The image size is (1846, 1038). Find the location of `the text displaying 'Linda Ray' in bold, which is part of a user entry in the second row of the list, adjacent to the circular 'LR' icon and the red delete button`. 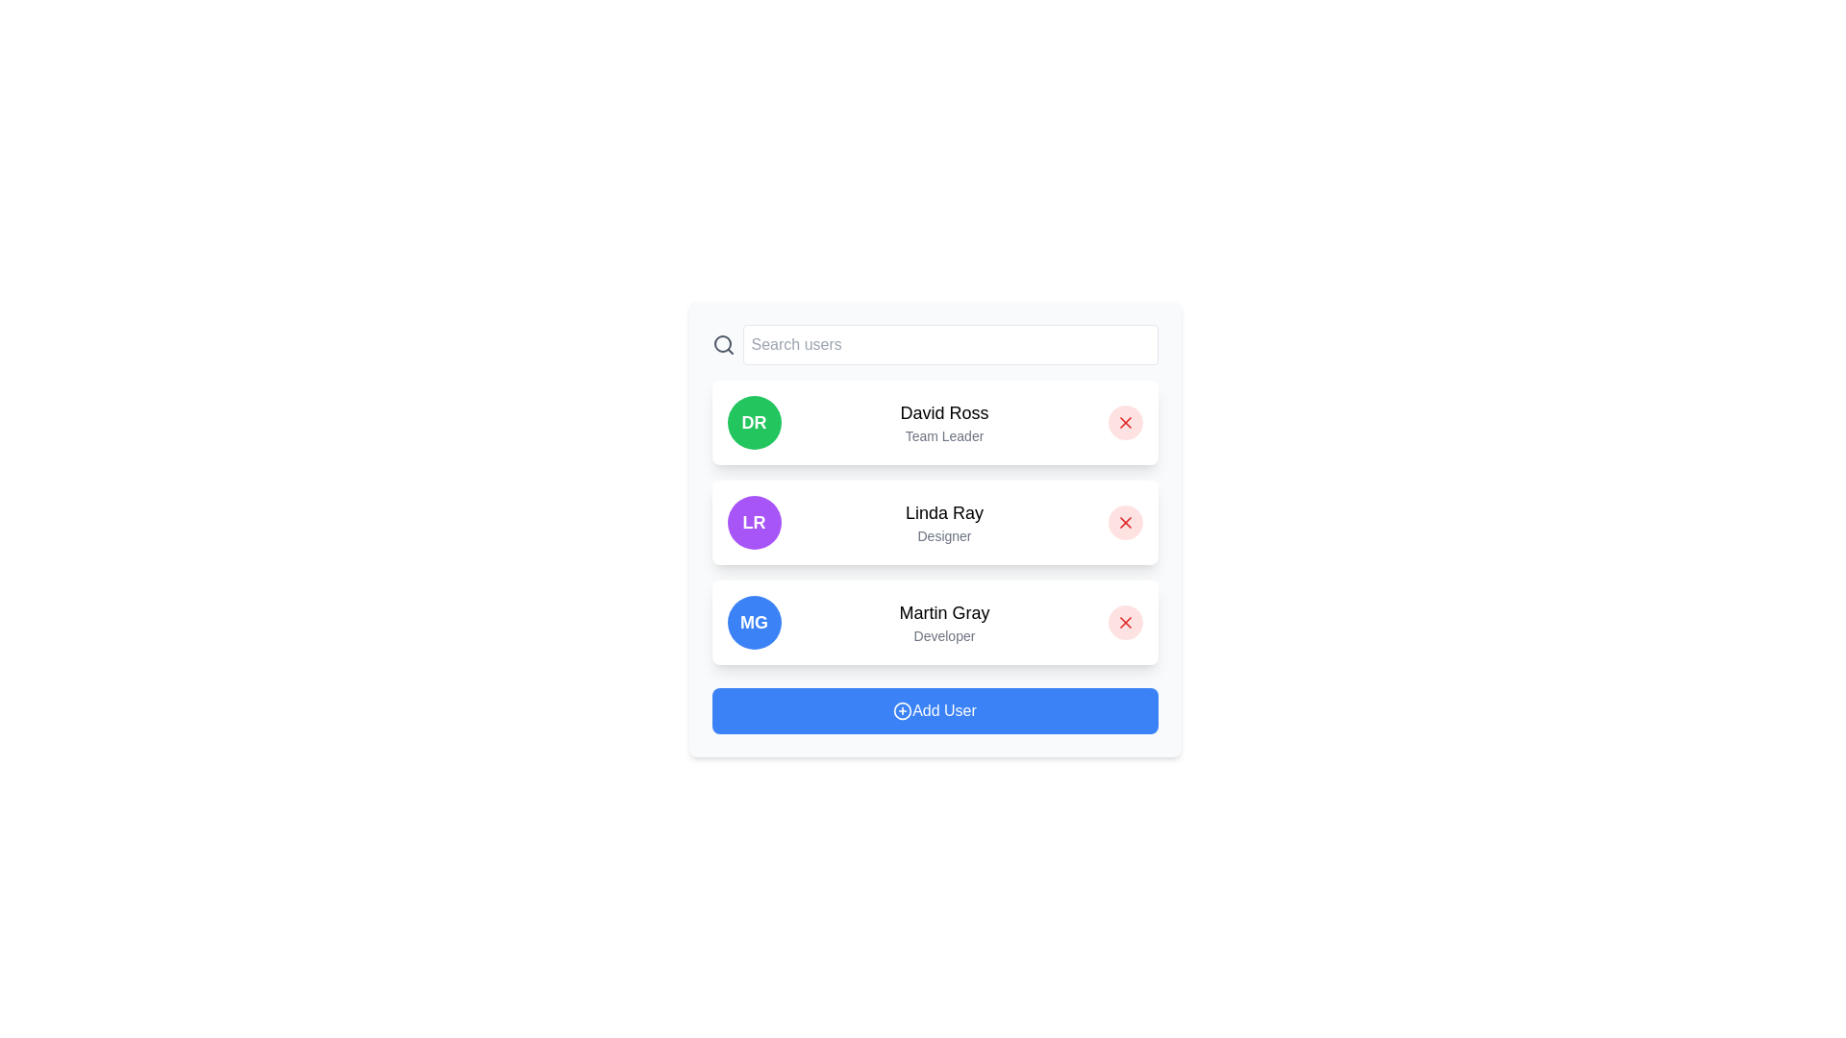

the text displaying 'Linda Ray' in bold, which is part of a user entry in the second row of the list, adjacent to the circular 'LR' icon and the red delete button is located at coordinates (944, 522).